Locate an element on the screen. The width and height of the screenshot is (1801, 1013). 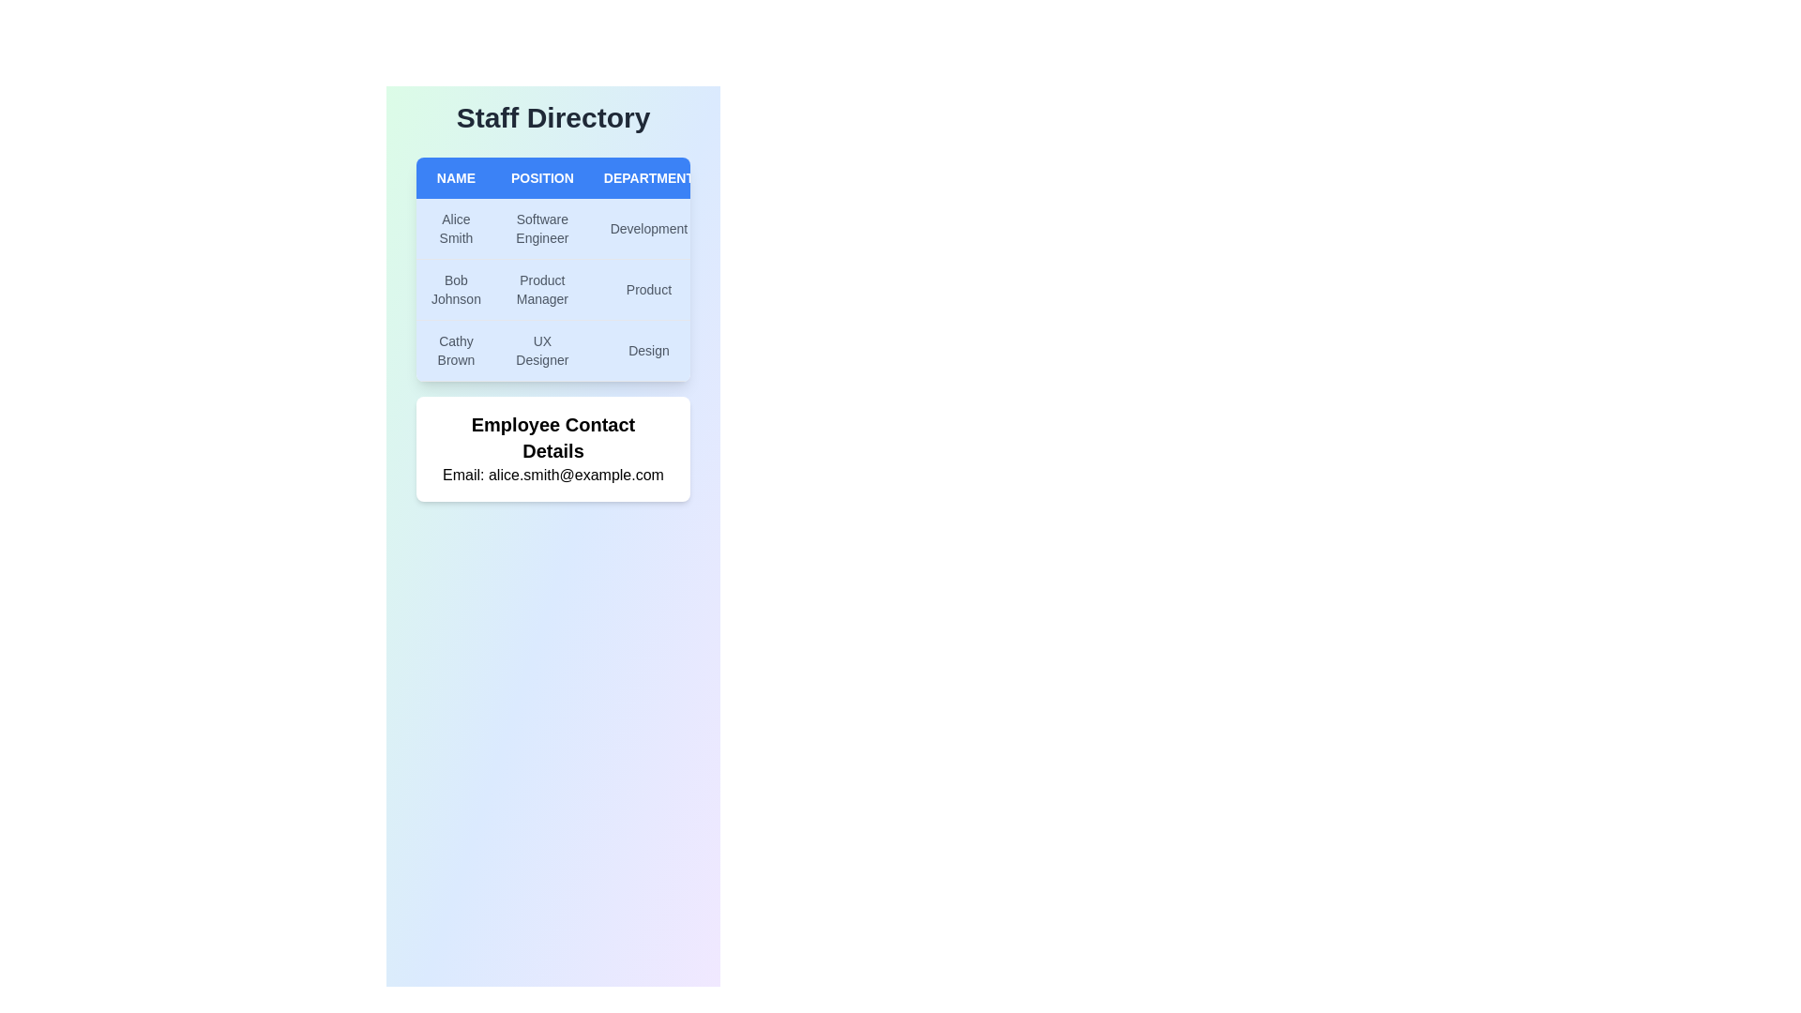
the Text Label indicating the department associated with 'Alice Smith', located in the 'DEPARTMENT' column of the table is located at coordinates (648, 228).